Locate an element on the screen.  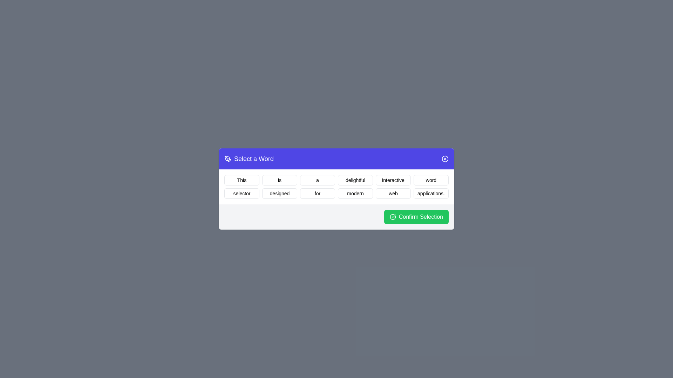
the 'Confirm Selection' button to confirm the selected word is located at coordinates (416, 217).